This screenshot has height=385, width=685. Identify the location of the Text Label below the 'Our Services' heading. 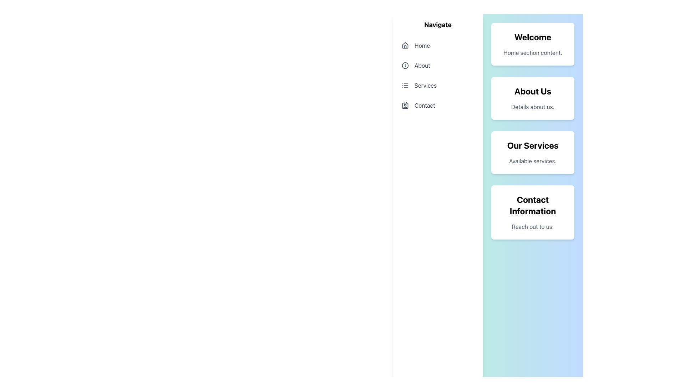
(532, 161).